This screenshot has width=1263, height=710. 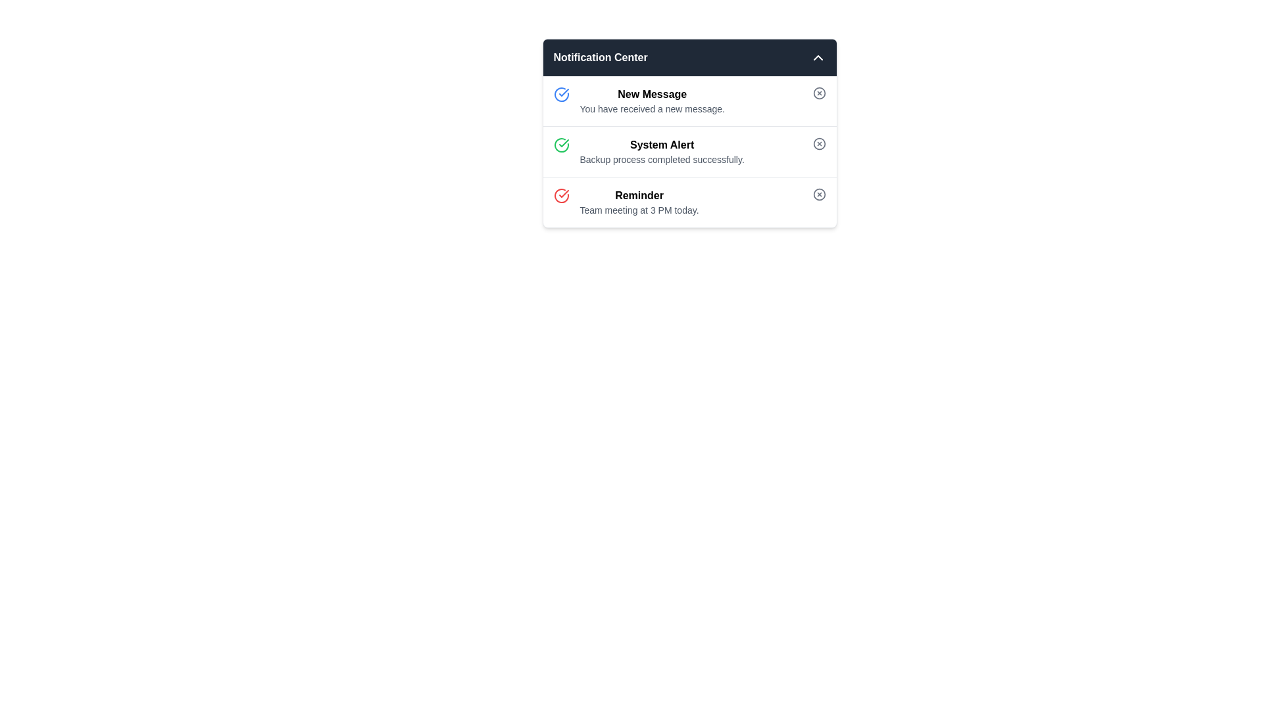 I want to click on the 'System Alert' notification icon, which is a green checkmark indicating success or completion, located in the Notification Center, so click(x=561, y=145).